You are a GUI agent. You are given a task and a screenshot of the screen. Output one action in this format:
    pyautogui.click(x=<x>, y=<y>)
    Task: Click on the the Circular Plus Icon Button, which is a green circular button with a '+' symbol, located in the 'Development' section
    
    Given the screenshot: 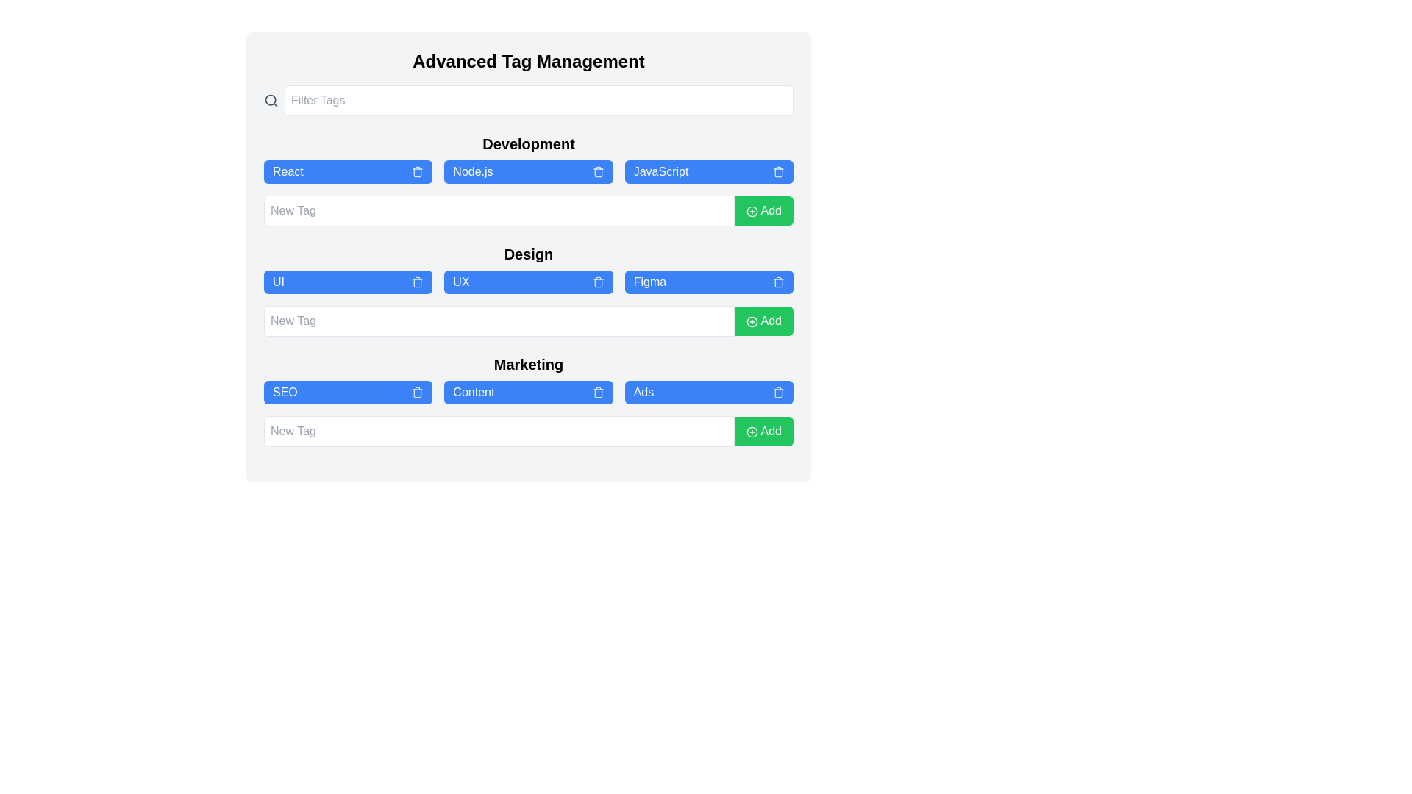 What is the action you would take?
    pyautogui.click(x=752, y=211)
    